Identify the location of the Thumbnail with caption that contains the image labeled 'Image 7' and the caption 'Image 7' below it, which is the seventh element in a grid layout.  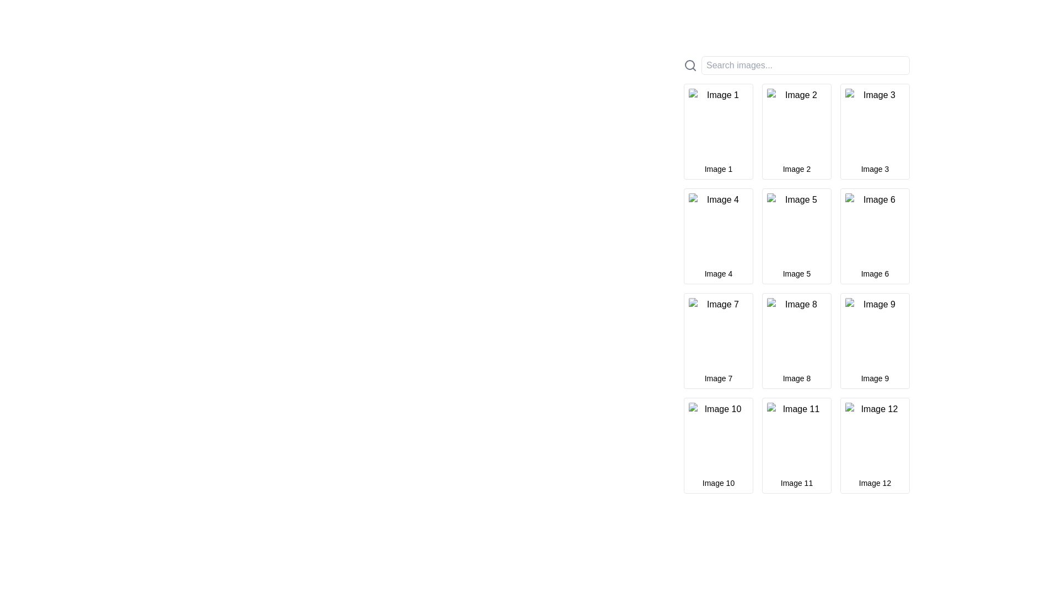
(719, 340).